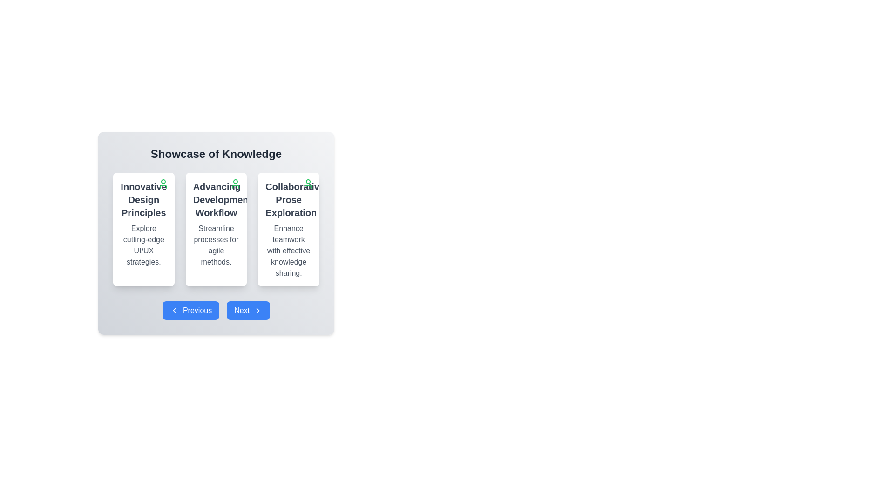 The image size is (894, 503). I want to click on the 'Previous' and 'Next' buttons in the Navigation Panel, so click(216, 311).